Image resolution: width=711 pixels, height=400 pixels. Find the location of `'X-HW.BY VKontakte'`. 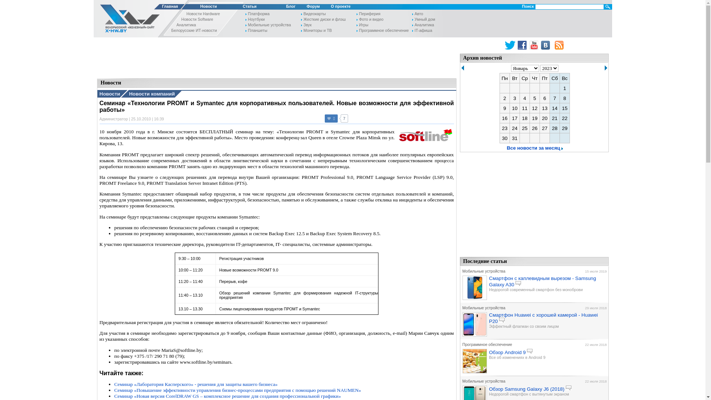

'X-HW.BY VKontakte' is located at coordinates (541, 45).